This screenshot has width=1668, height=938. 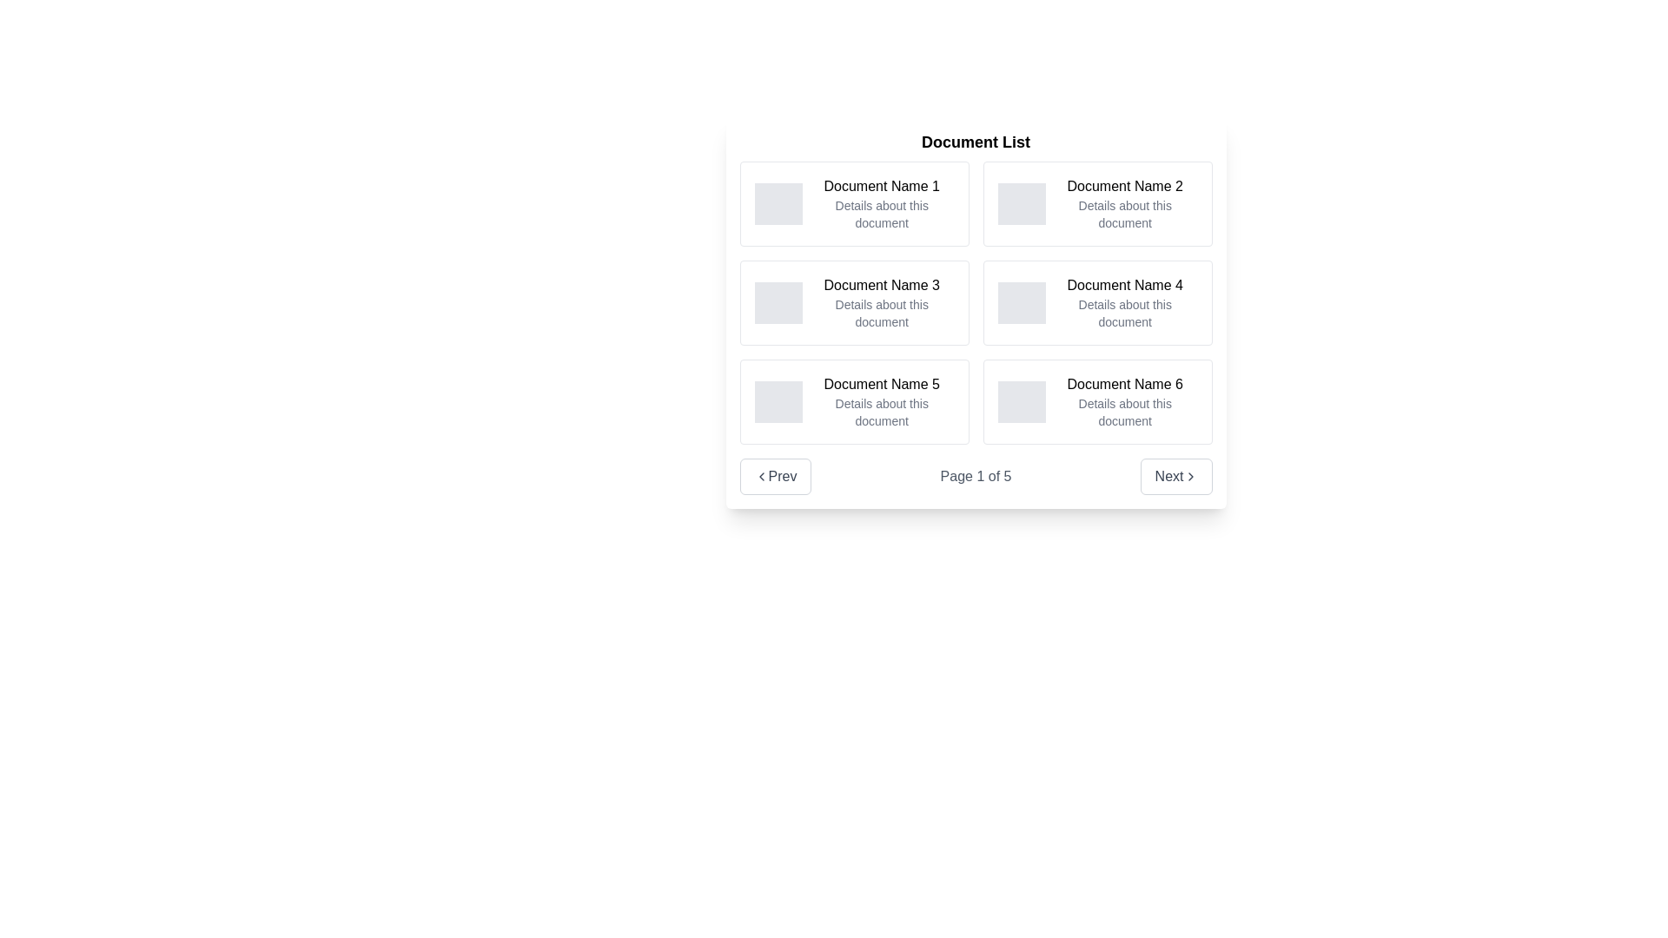 What do you see at coordinates (881, 401) in the screenshot?
I see `the list item displaying 'Document Name 5'` at bounding box center [881, 401].